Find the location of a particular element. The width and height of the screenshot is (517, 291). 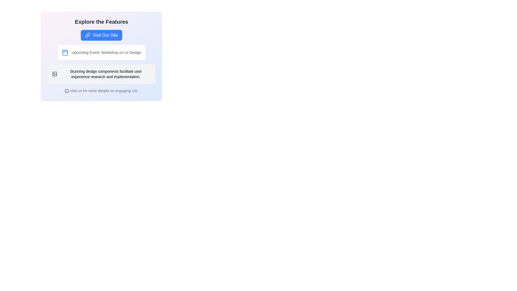

the icon located in the 'Explore the Features' section, which is directly adjacent to the text 'Upcoming Event: Workshop on UI Design.' is located at coordinates (65, 53).